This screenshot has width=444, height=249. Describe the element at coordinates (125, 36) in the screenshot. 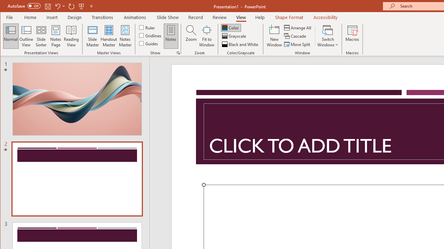

I see `'Notes Master'` at that location.